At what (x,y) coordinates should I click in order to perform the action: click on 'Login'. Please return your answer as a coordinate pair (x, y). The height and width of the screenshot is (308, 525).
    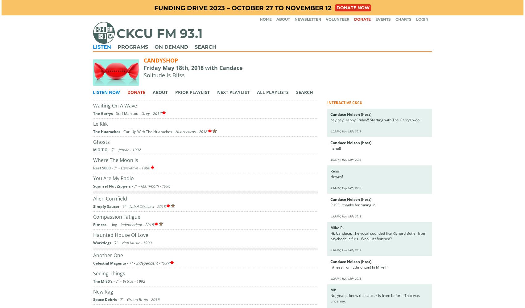
    Looking at the image, I should click on (422, 19).